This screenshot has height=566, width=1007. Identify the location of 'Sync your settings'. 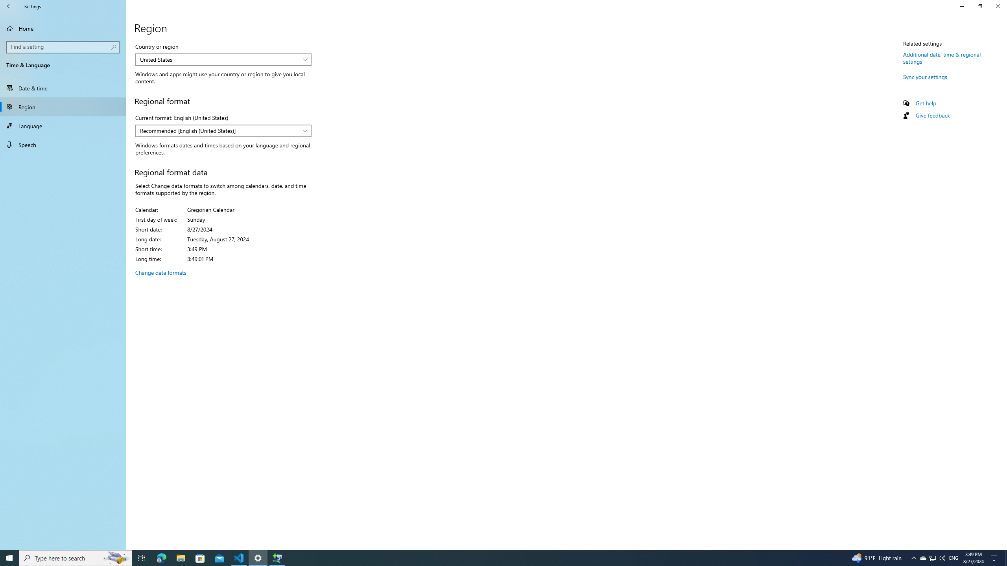
(925, 77).